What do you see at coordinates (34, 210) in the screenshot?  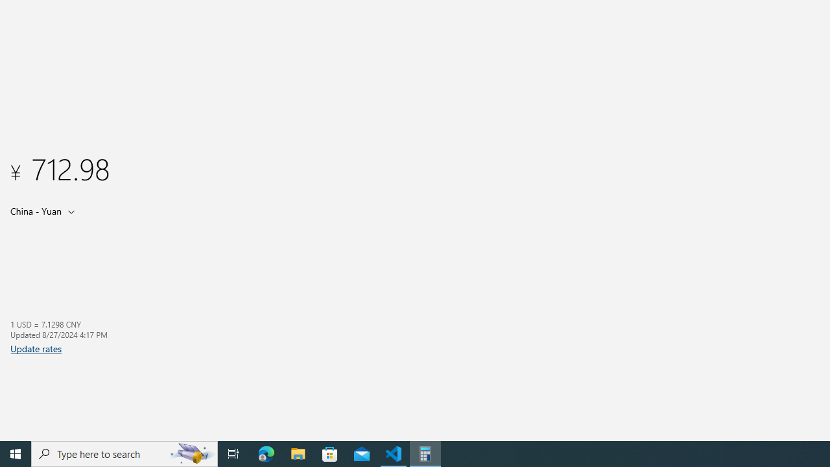 I see `'China Yuan'` at bounding box center [34, 210].